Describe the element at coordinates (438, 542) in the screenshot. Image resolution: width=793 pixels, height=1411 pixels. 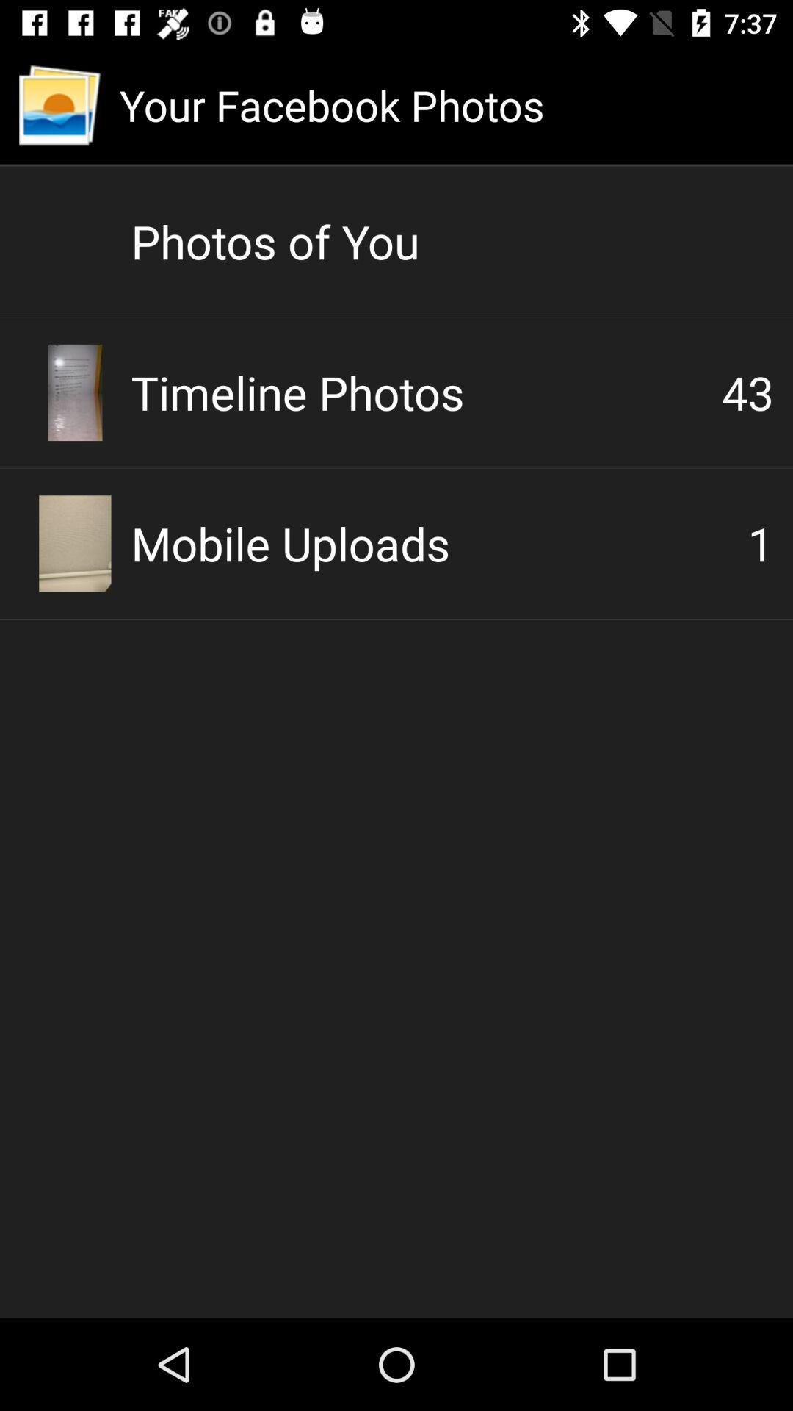
I see `icon next to the 1 icon` at that location.